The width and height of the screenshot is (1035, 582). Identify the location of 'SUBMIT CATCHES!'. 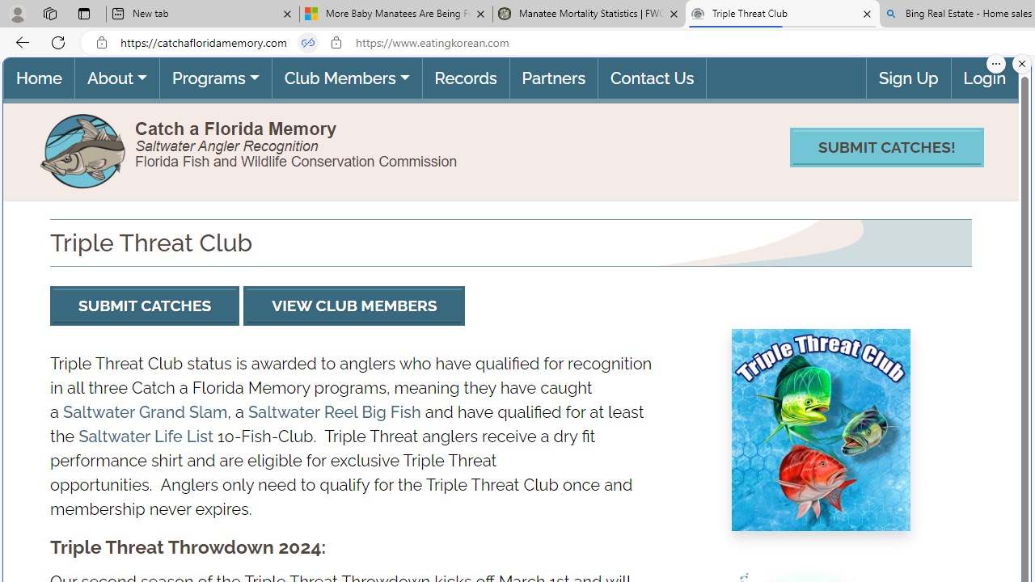
(885, 147).